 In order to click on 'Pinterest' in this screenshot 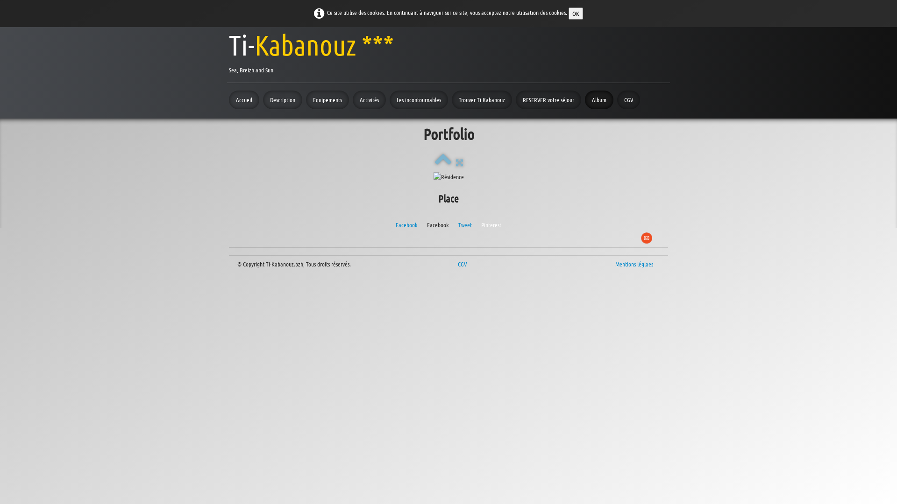, I will do `click(491, 224)`.